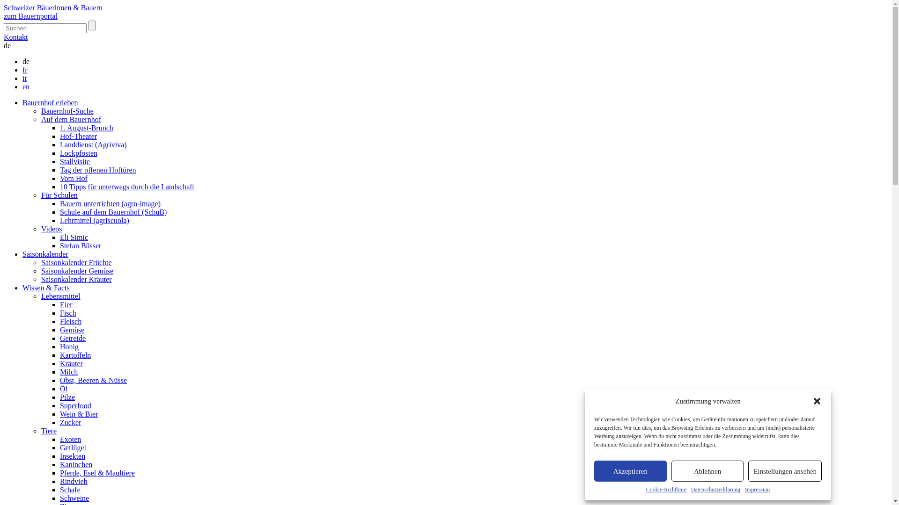  I want to click on 'Hof-Theater', so click(59, 136).